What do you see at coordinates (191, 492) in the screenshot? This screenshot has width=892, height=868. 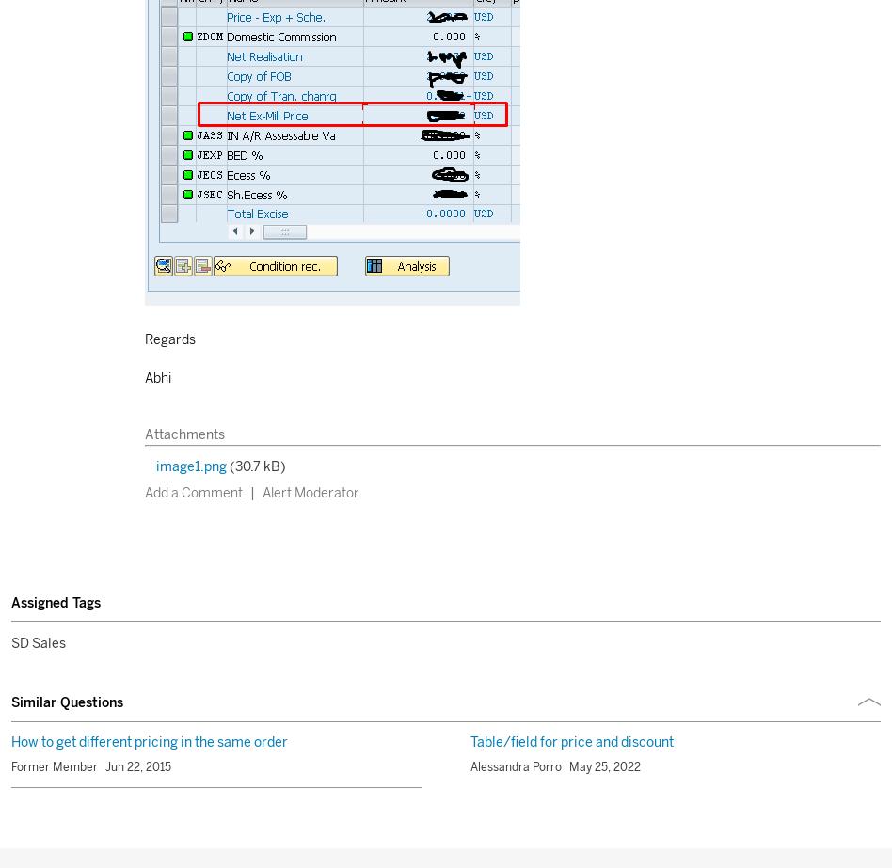 I see `'Add a Comment'` at bounding box center [191, 492].